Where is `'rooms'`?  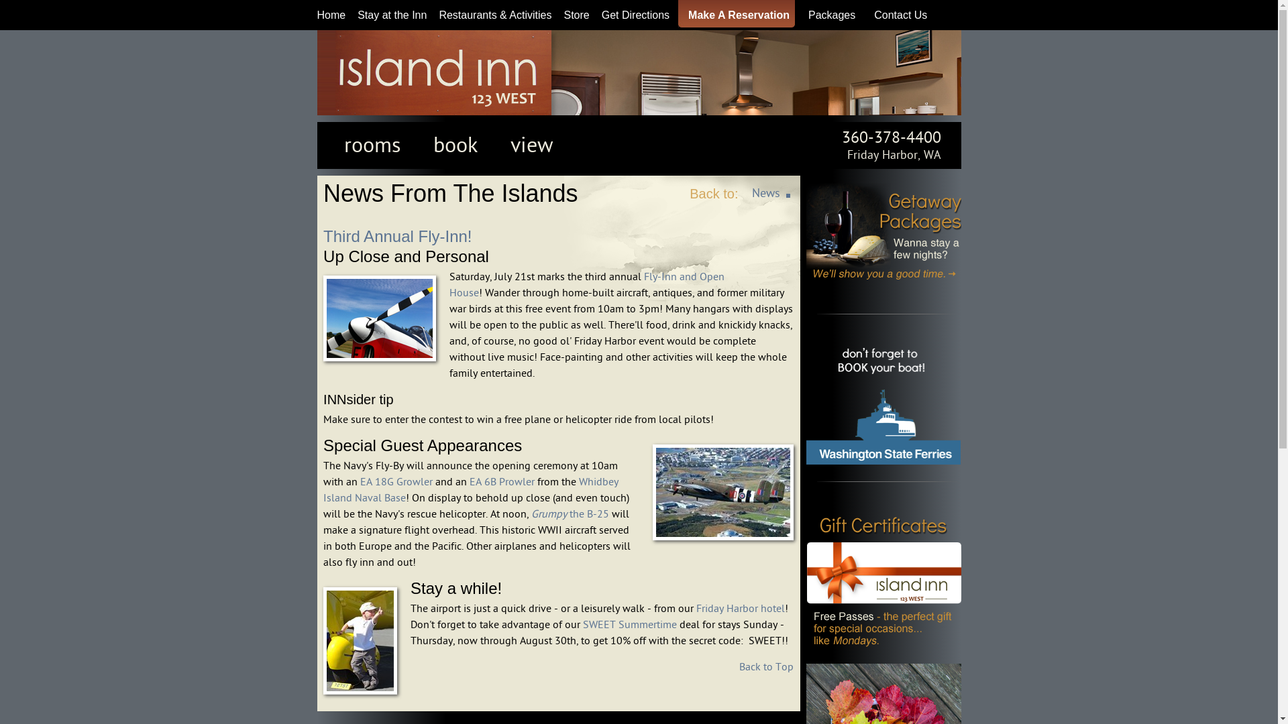
'rooms' is located at coordinates (371, 145).